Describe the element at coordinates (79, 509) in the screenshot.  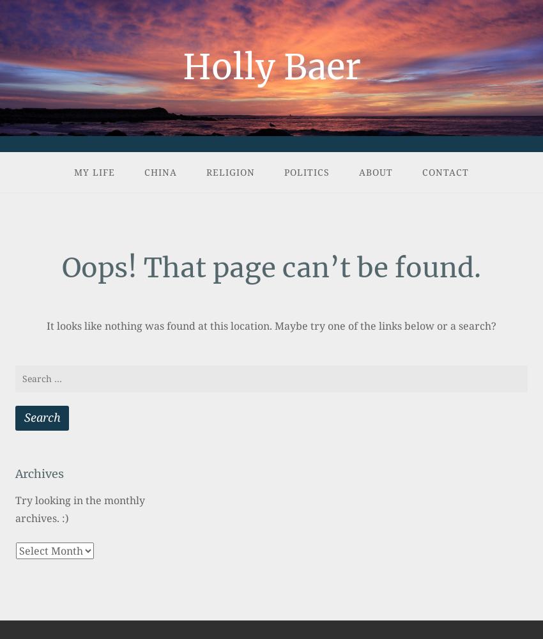
I see `'Try looking in the monthly archives. :)'` at that location.